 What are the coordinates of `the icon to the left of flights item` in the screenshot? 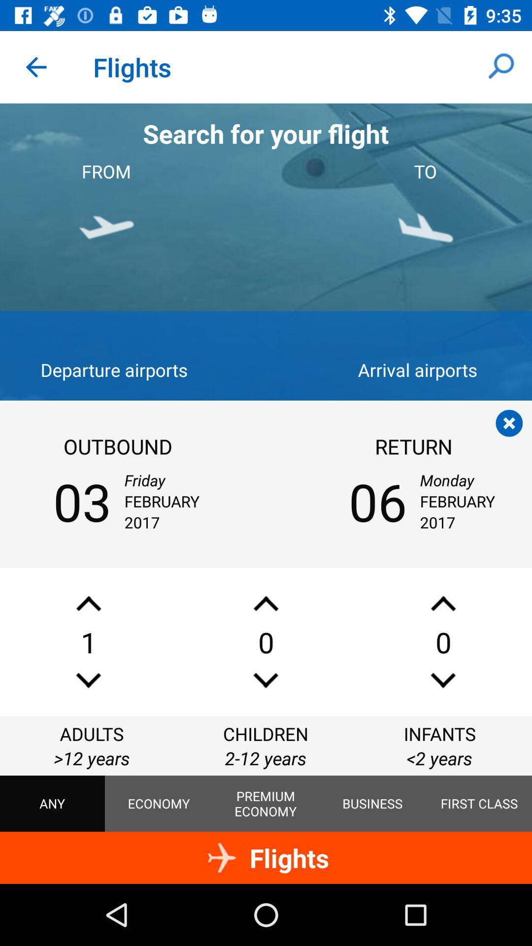 It's located at (35, 67).